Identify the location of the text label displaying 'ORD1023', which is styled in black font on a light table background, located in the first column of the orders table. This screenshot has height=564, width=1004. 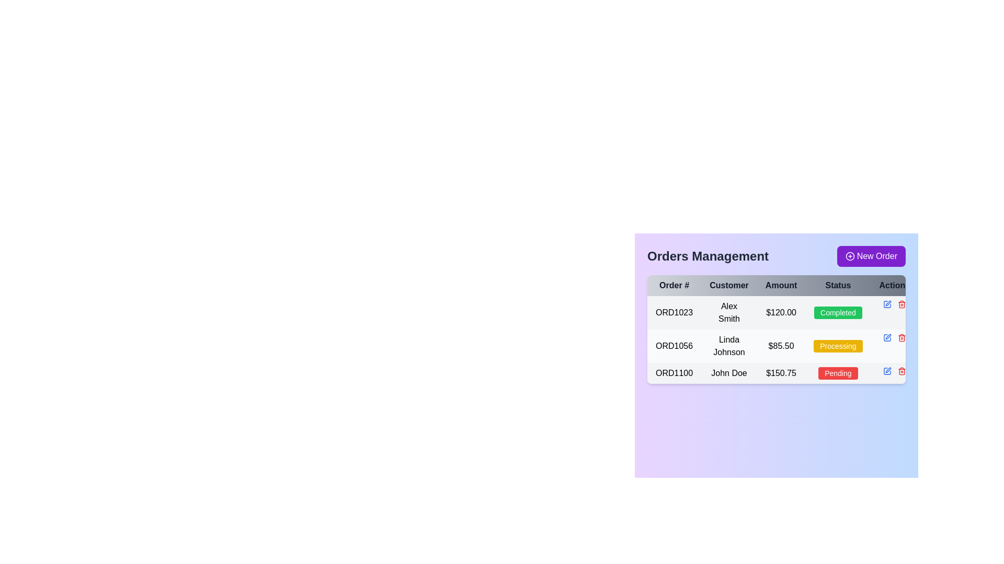
(674, 312).